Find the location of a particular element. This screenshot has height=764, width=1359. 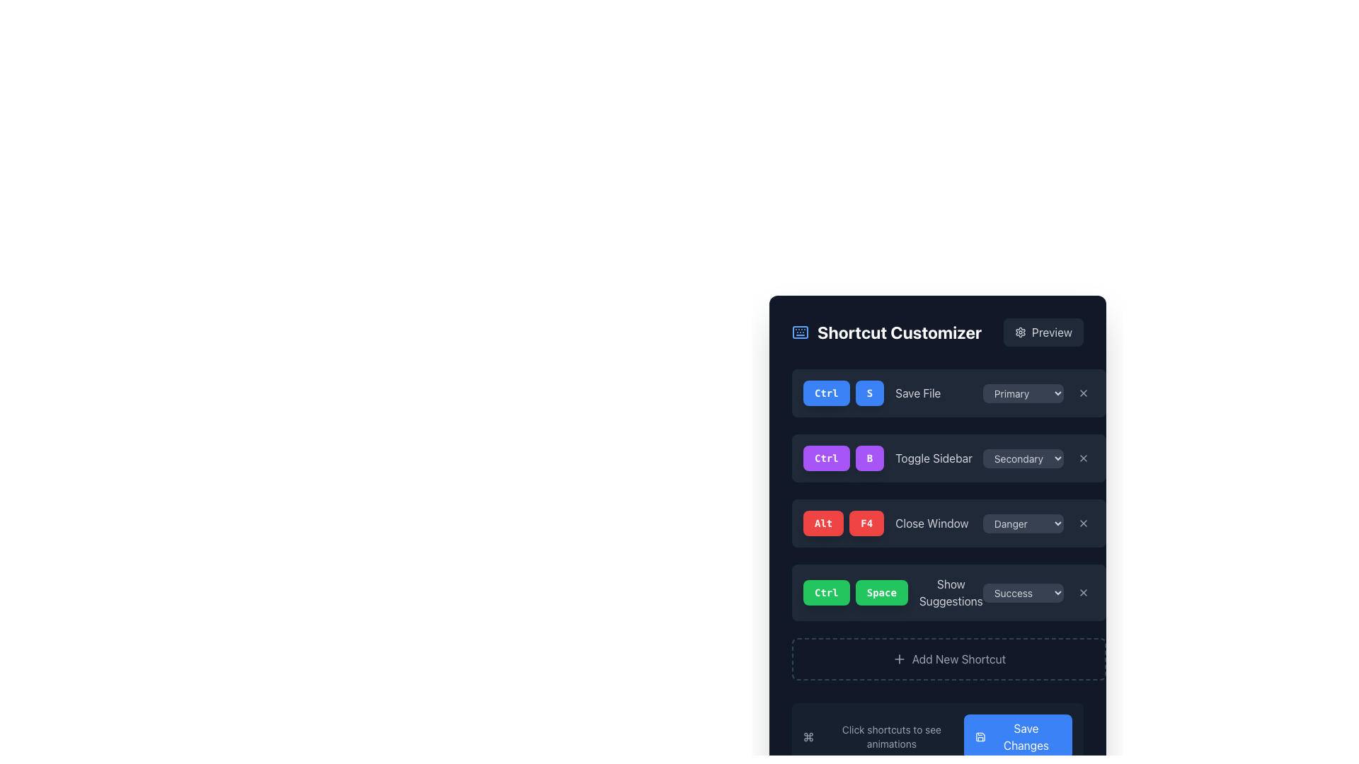

the icon that visually represents a command or shortcut, located to the left of the text 'Click shortcuts to see animations' at the bottom of the interface is located at coordinates (808, 736).